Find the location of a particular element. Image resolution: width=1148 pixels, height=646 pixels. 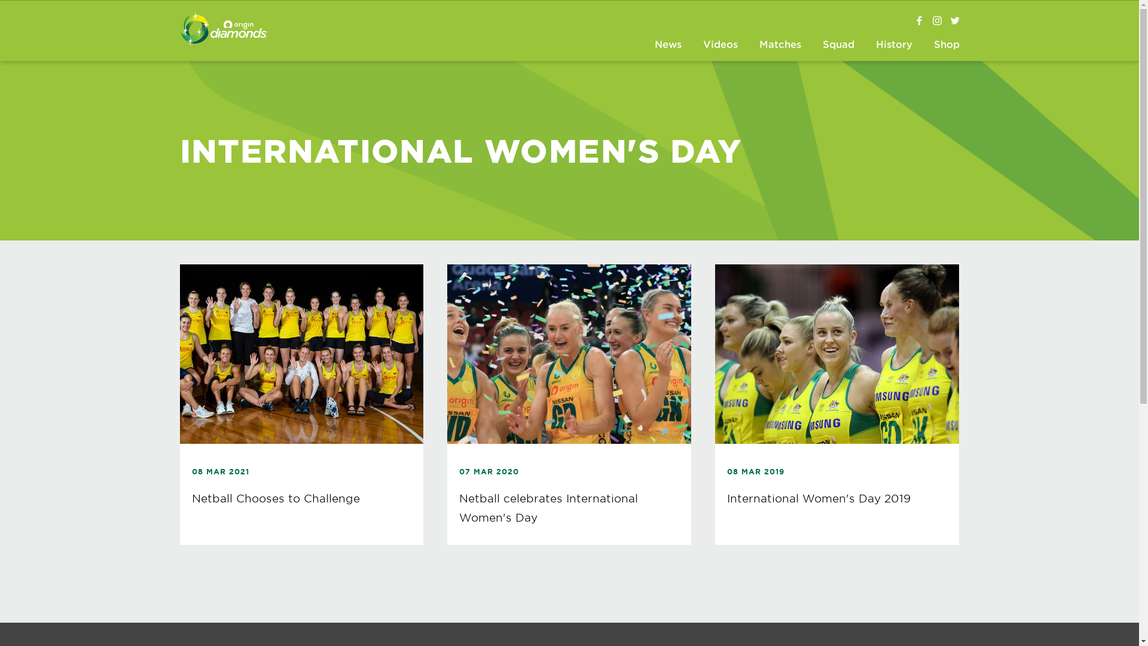

'Shop' is located at coordinates (923, 45).